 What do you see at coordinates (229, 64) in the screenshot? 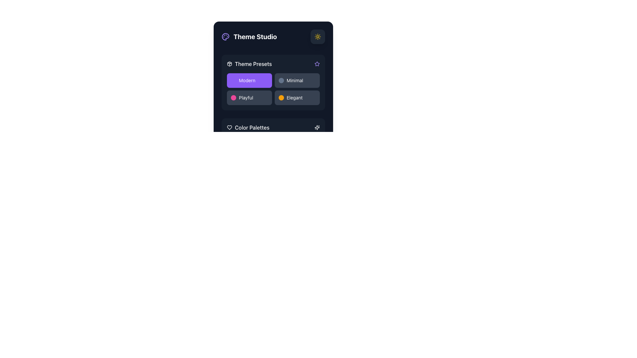
I see `the 'Theme Presets' icon located to the left of the text 'Theme Presets' in the top-left corner of the section` at bounding box center [229, 64].